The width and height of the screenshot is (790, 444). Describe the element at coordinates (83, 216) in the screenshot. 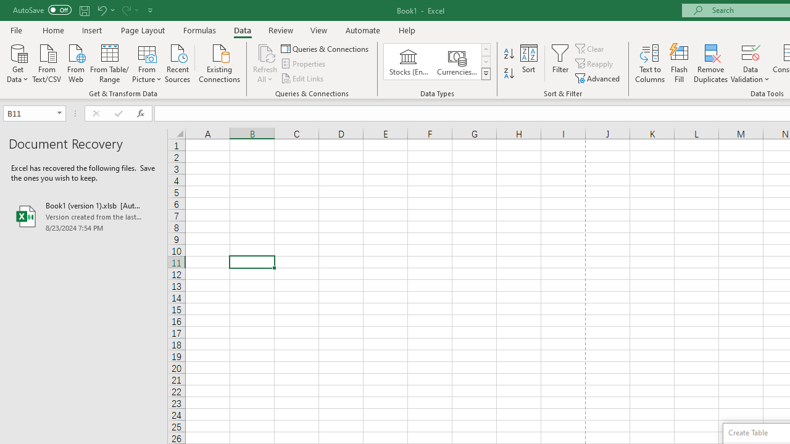

I see `'Book1 (version 1).xlsb  [AutoRecovered]'` at that location.